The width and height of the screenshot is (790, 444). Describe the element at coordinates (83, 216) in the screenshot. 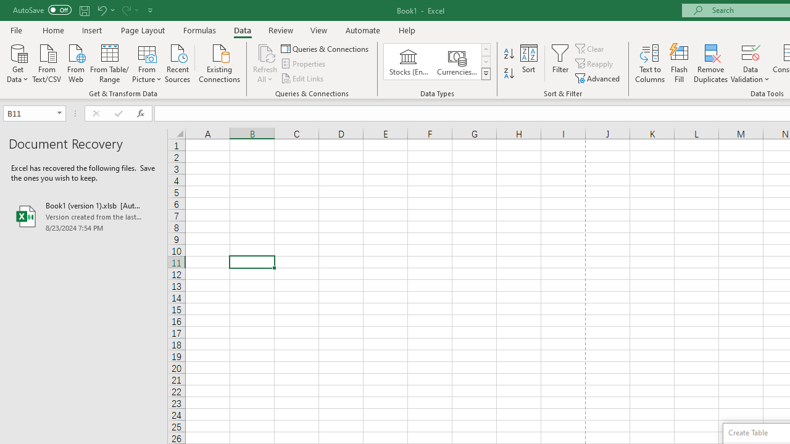

I see `'Book1 (version 1).xlsb  [AutoRecovered]'` at that location.